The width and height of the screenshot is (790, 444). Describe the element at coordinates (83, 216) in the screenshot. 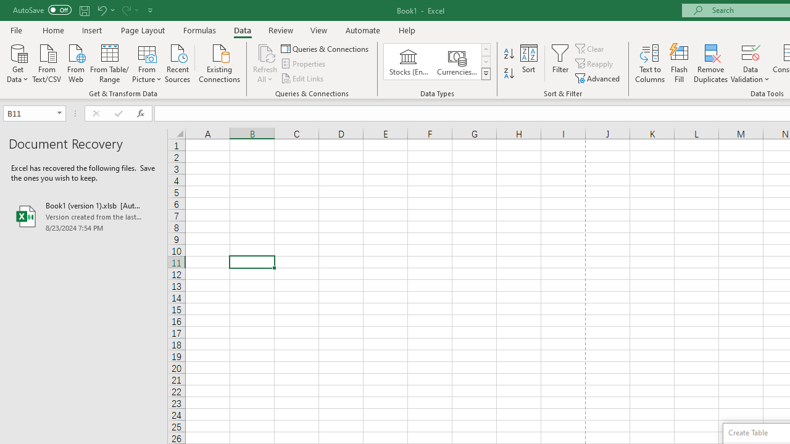

I see `'Book1 (version 1).xlsb  [AutoRecovered]'` at that location.